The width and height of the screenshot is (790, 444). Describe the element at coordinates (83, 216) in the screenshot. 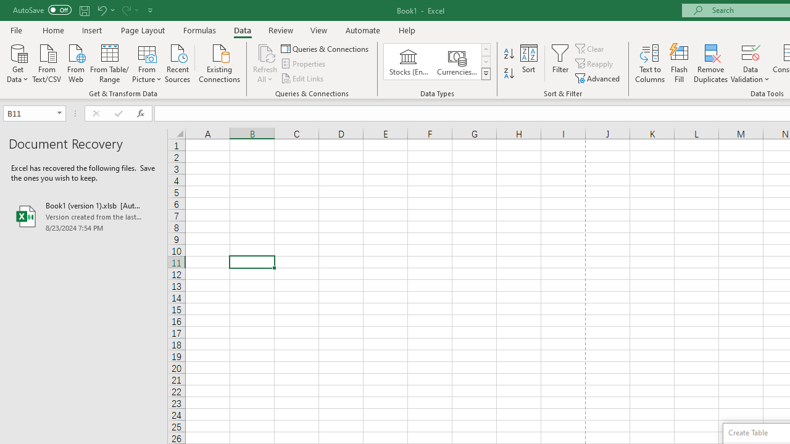

I see `'Book1 (version 1).xlsb  [AutoRecovered]'` at that location.